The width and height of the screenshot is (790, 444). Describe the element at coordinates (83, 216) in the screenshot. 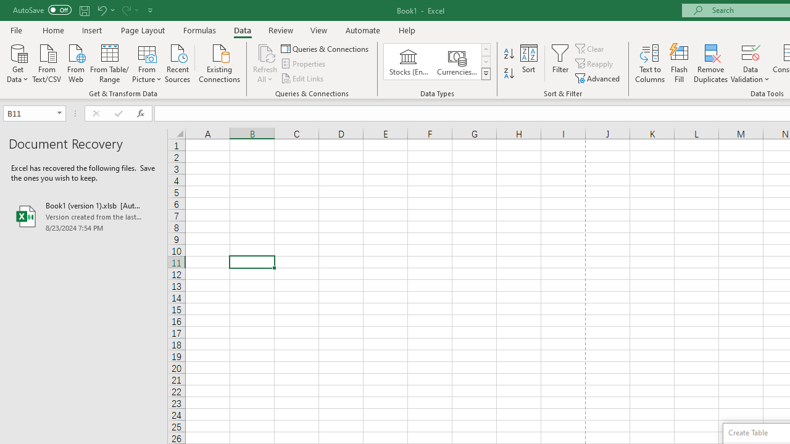

I see `'Book1 (version 1).xlsb  [AutoRecovered]'` at that location.